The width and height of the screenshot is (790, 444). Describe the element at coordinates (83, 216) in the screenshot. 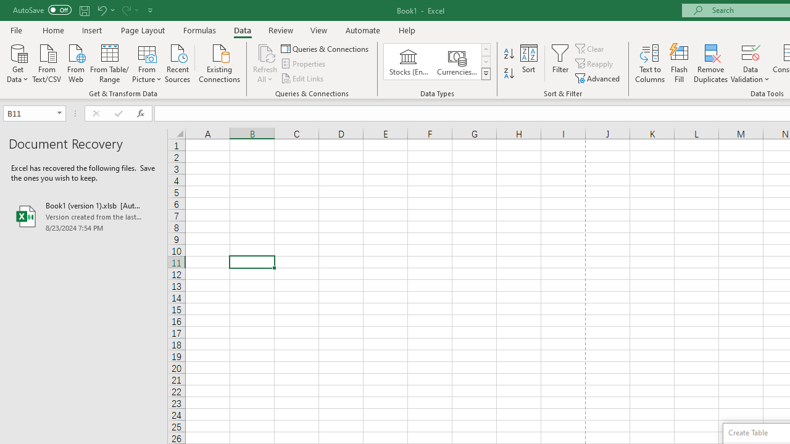

I see `'Book1 (version 1).xlsb  [AutoRecovered]'` at that location.